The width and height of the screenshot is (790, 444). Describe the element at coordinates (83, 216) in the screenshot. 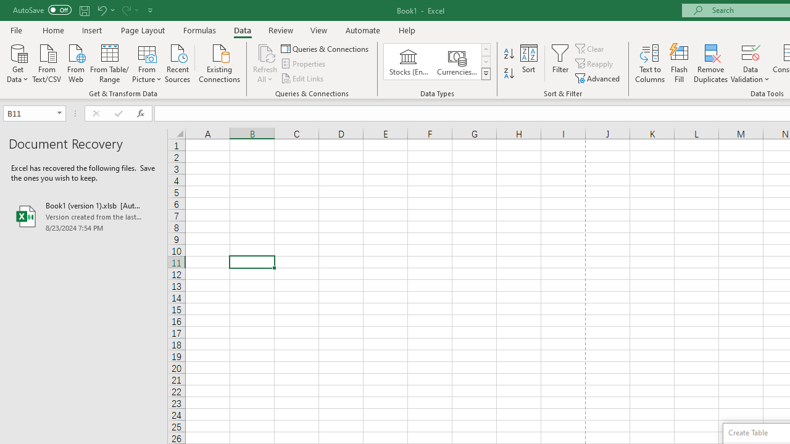

I see `'Book1 (version 1).xlsb  [AutoRecovered]'` at that location.